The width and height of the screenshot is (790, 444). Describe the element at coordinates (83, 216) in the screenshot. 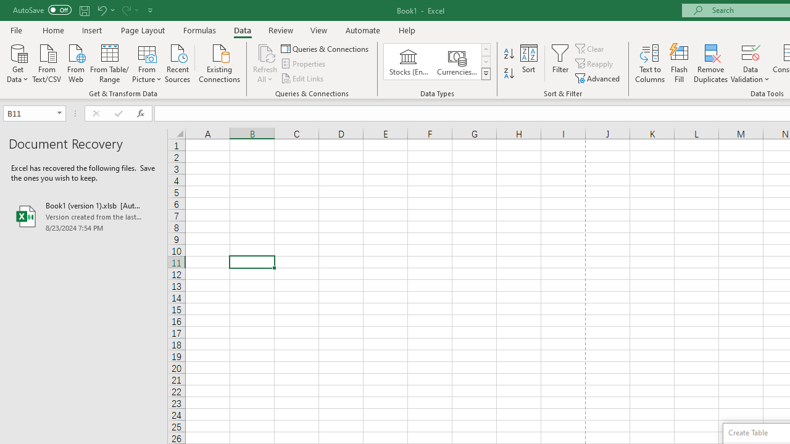

I see `'Book1 (version 1).xlsb  [AutoRecovered]'` at that location.